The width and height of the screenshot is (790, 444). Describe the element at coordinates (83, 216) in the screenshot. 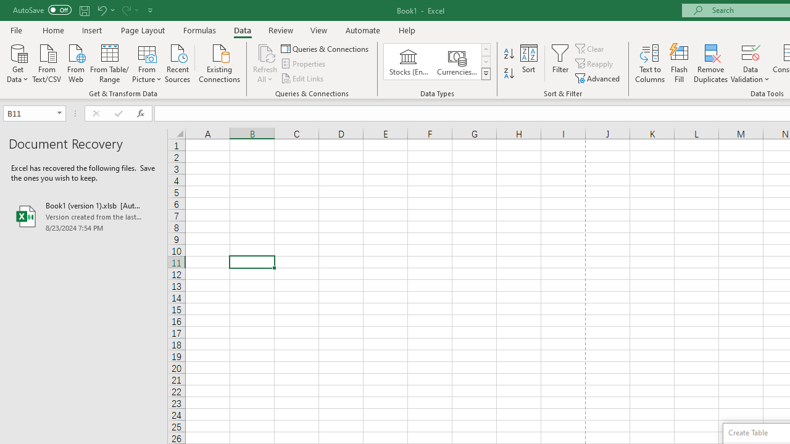

I see `'Book1 (version 1).xlsb  [AutoRecovered]'` at that location.